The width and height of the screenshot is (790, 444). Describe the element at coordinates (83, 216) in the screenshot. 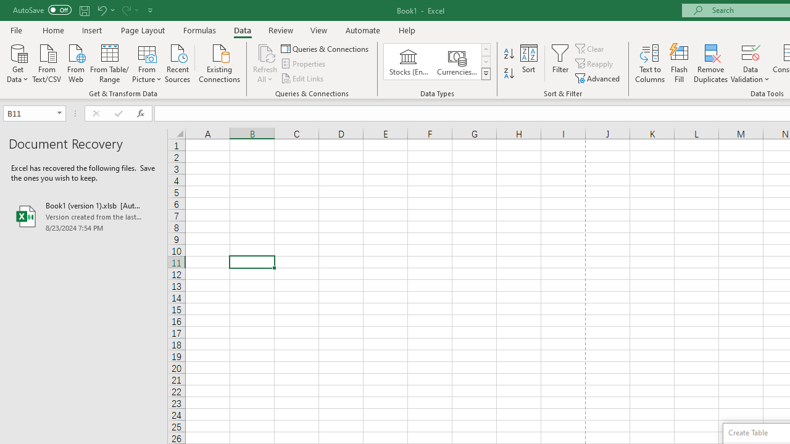

I see `'Book1 (version 1).xlsb  [AutoRecovered]'` at that location.